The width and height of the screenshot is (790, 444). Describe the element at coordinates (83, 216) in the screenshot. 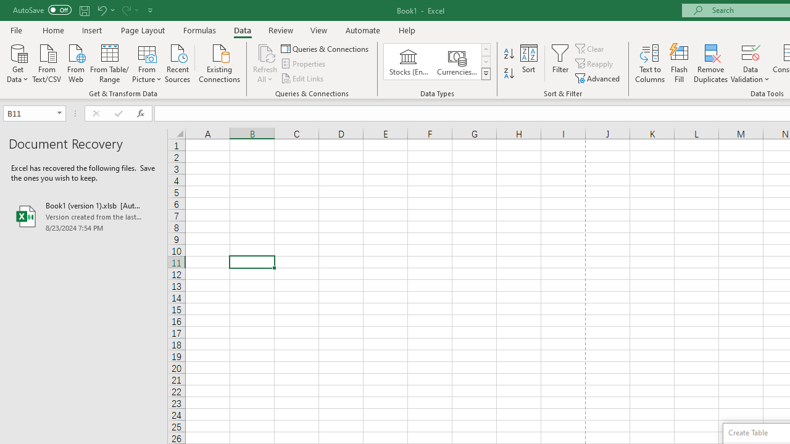

I see `'Book1 (version 1).xlsb  [AutoRecovered]'` at that location.